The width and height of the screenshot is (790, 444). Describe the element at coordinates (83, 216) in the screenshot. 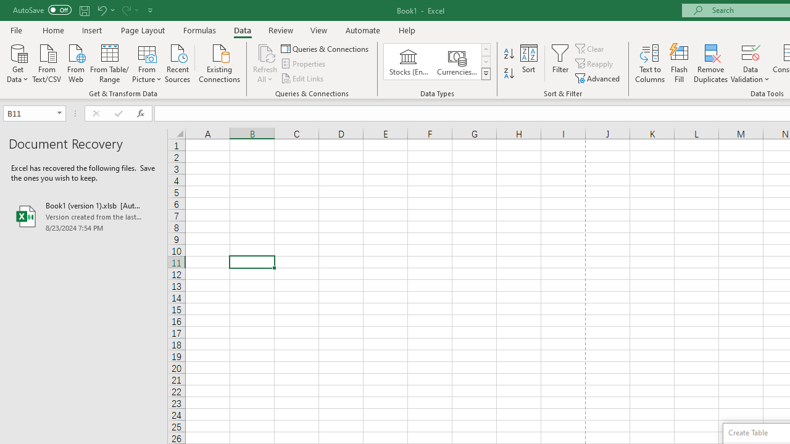

I see `'Book1 (version 1).xlsb  [AutoRecovered]'` at that location.